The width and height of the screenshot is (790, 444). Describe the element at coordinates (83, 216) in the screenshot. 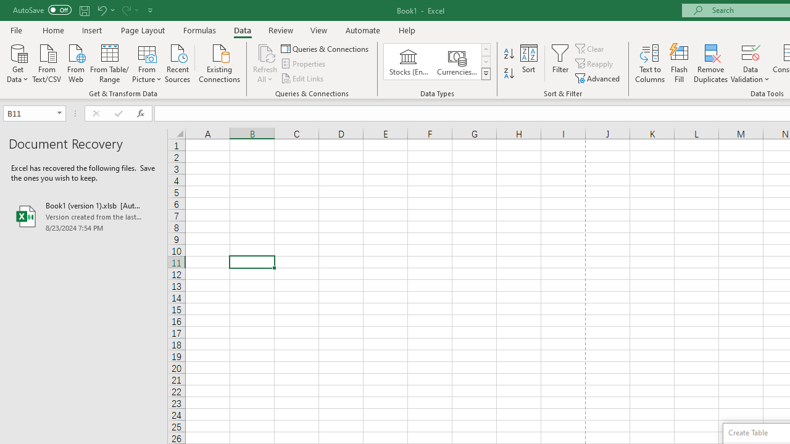

I see `'Book1 (version 1).xlsb  [AutoRecovered]'` at that location.